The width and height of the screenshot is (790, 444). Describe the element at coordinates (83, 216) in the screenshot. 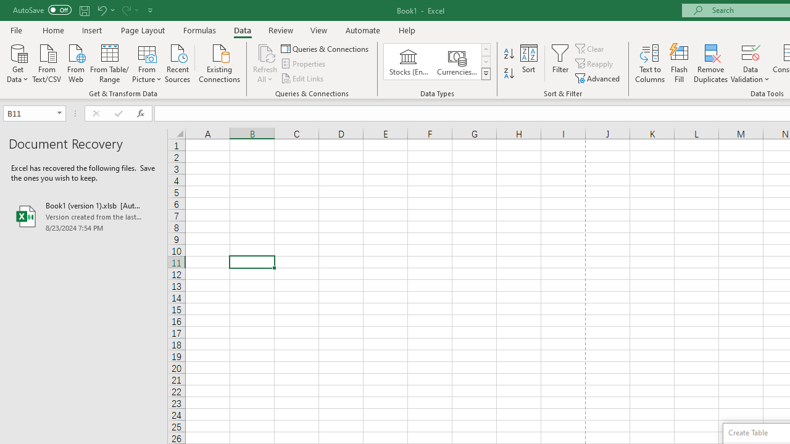

I see `'Book1 (version 1).xlsb  [AutoRecovered]'` at that location.